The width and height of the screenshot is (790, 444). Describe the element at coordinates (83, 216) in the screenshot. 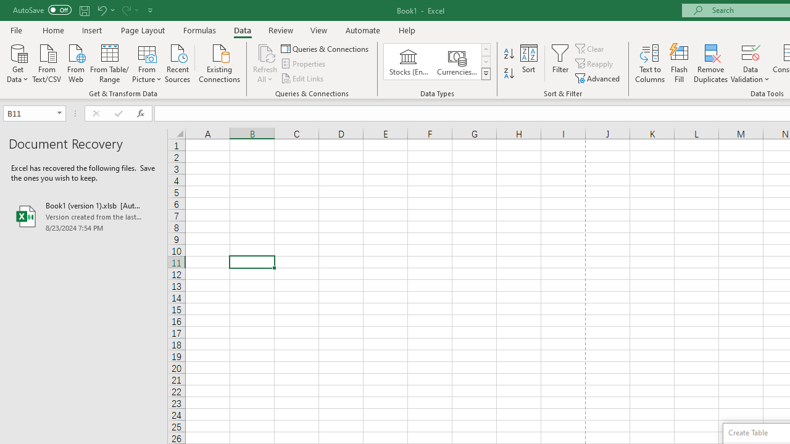

I see `'Book1 (version 1).xlsb  [AutoRecovered]'` at that location.